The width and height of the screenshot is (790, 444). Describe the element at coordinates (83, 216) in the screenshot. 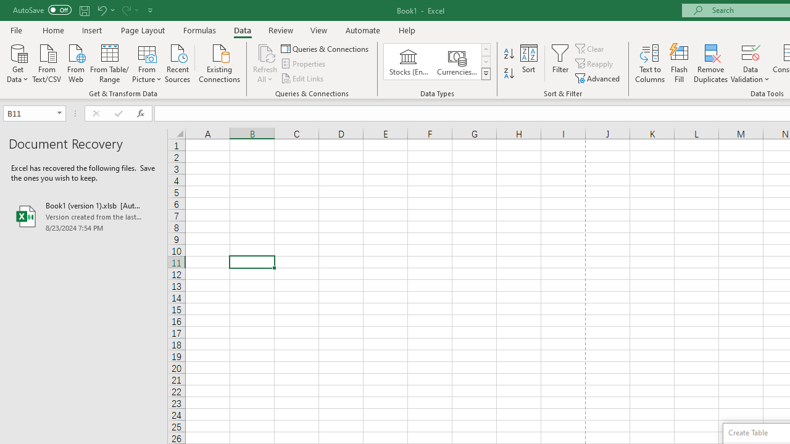

I see `'Book1 (version 1).xlsb  [AutoRecovered]'` at that location.